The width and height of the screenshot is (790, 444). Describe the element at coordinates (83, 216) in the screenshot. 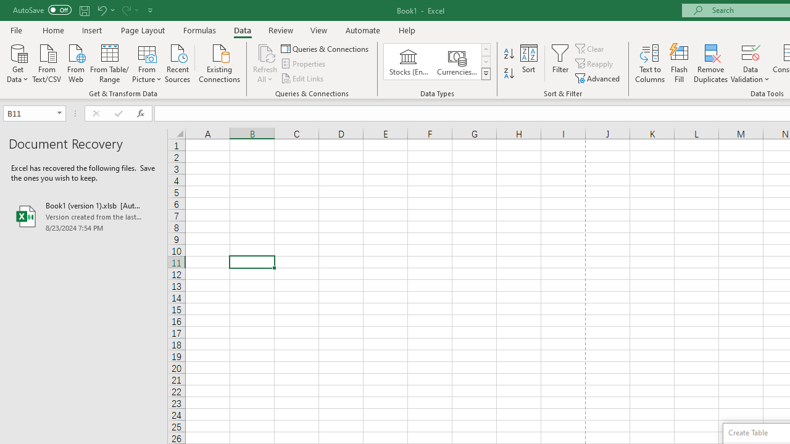

I see `'Book1 (version 1).xlsb  [AutoRecovered]'` at that location.